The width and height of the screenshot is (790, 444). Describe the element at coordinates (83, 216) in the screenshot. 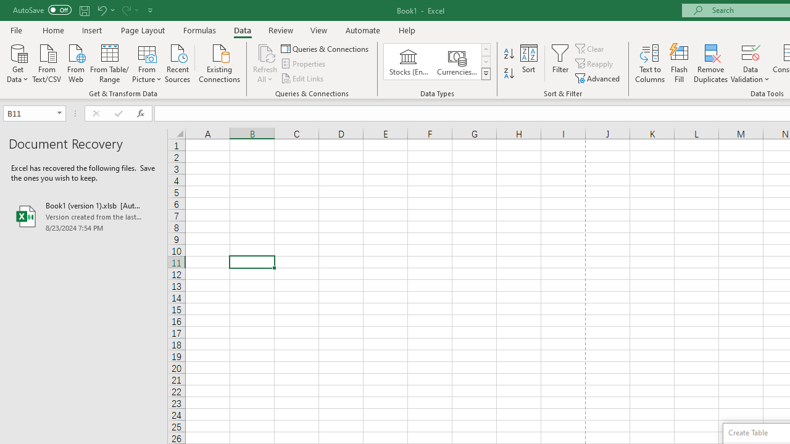

I see `'Book1 (version 1).xlsb  [AutoRecovered]'` at that location.